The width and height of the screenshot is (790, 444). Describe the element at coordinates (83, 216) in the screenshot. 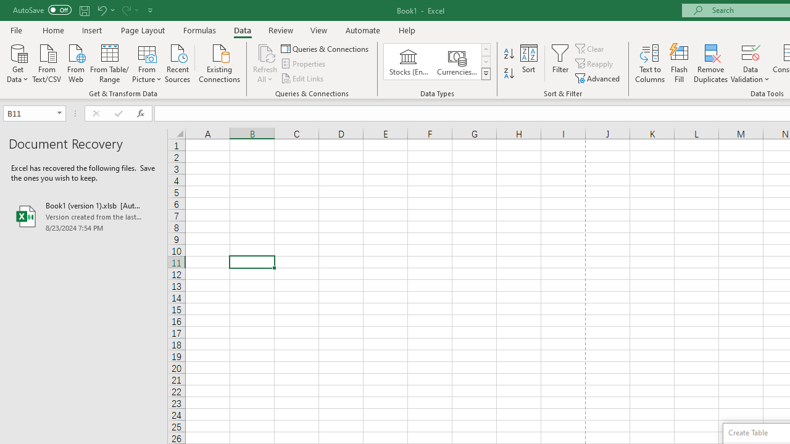

I see `'Book1 (version 1).xlsb  [AutoRecovered]'` at that location.